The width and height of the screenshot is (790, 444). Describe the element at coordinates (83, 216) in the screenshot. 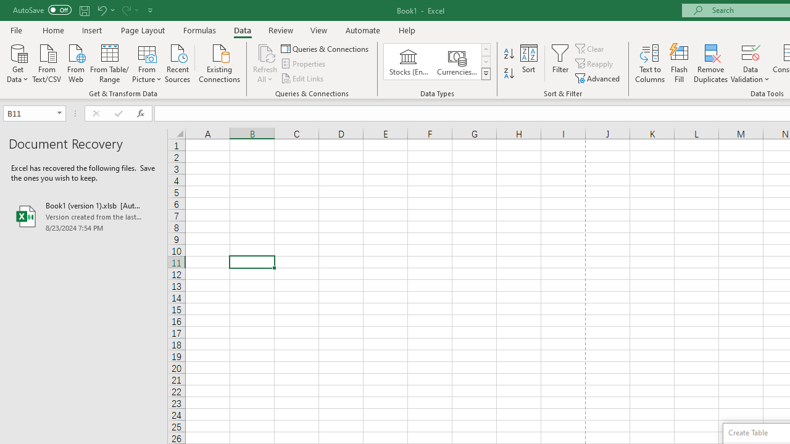

I see `'Book1 (version 1).xlsb  [AutoRecovered]'` at that location.